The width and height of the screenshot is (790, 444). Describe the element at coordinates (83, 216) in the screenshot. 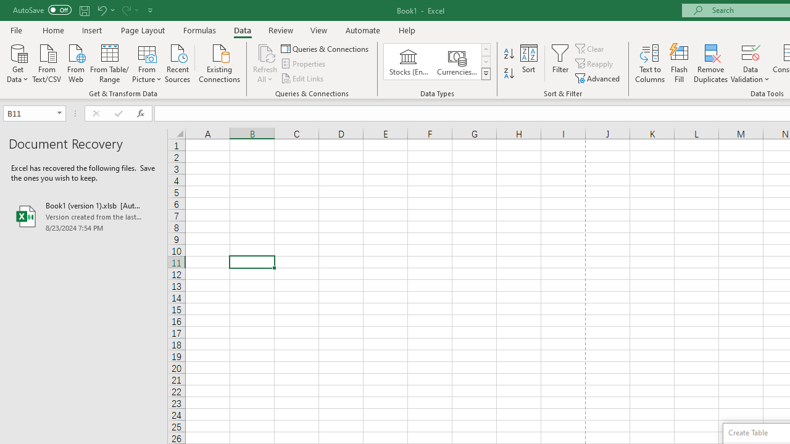

I see `'Book1 (version 1).xlsb  [AutoRecovered]'` at that location.